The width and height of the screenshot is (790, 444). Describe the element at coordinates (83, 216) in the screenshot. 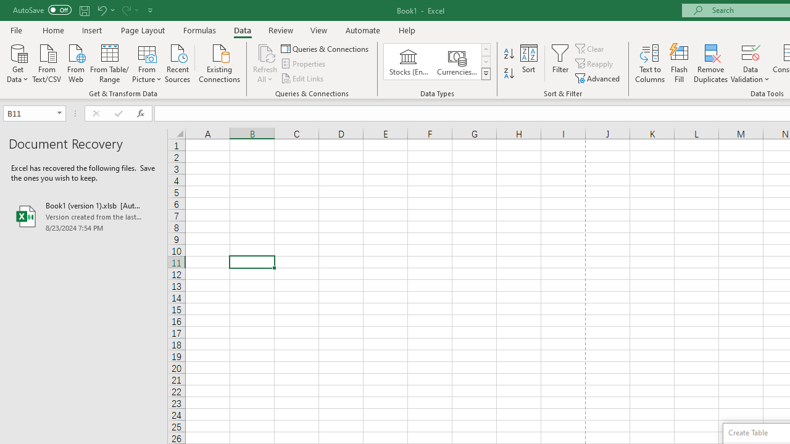

I see `'Book1 (version 1).xlsb  [AutoRecovered]'` at that location.